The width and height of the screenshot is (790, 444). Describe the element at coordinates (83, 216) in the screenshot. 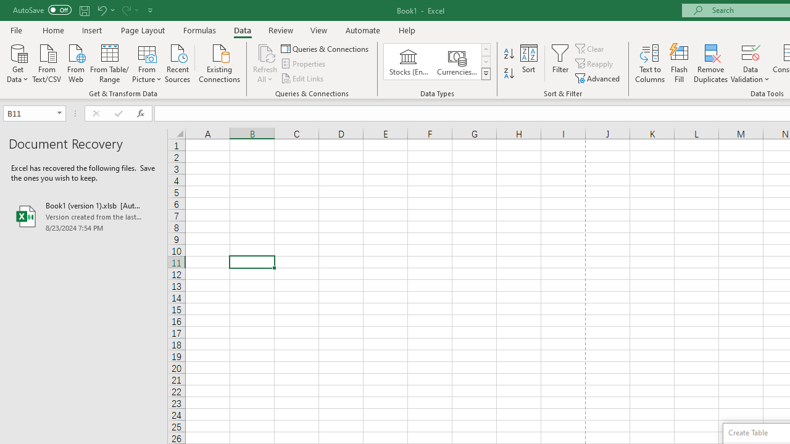

I see `'Book1 (version 1).xlsb  [AutoRecovered]'` at that location.